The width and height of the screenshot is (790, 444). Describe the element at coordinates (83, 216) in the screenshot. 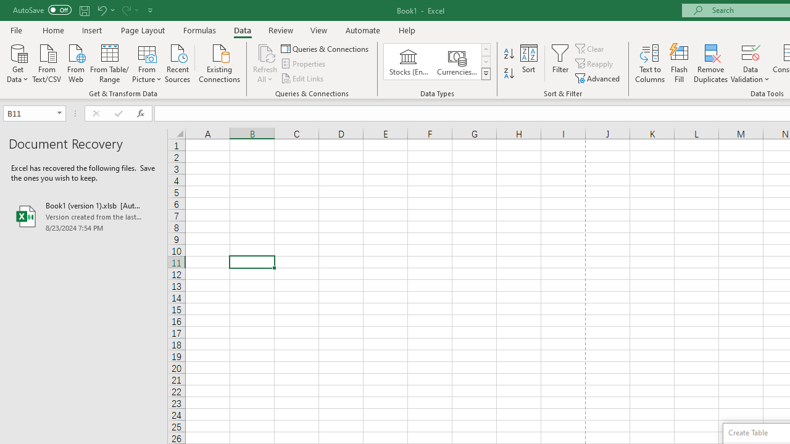

I see `'Book1 (version 1).xlsb  [AutoRecovered]'` at that location.